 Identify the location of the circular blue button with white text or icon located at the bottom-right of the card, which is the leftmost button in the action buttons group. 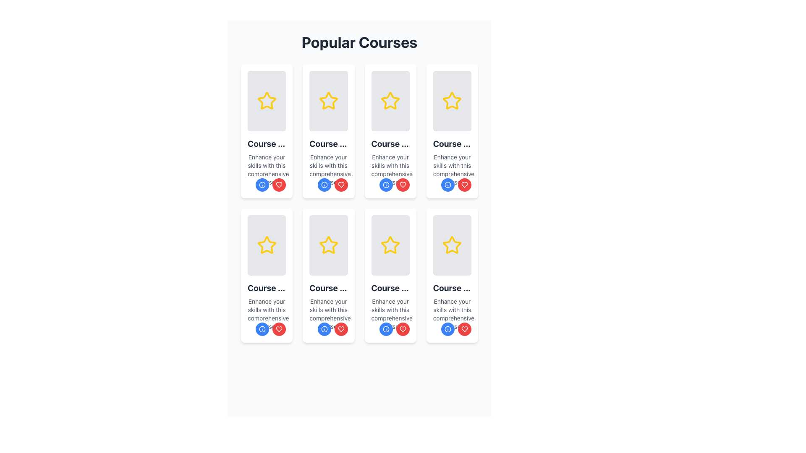
(262, 329).